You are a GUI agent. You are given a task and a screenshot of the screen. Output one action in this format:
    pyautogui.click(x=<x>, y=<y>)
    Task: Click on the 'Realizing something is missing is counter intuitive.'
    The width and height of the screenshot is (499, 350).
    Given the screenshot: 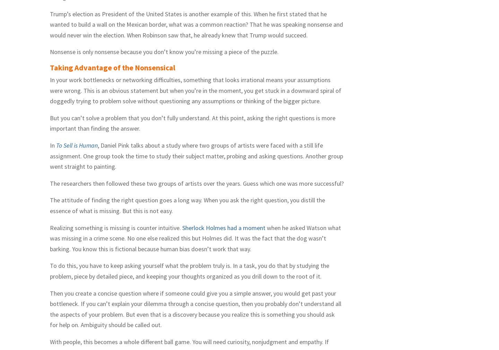 What is the action you would take?
    pyautogui.click(x=116, y=227)
    